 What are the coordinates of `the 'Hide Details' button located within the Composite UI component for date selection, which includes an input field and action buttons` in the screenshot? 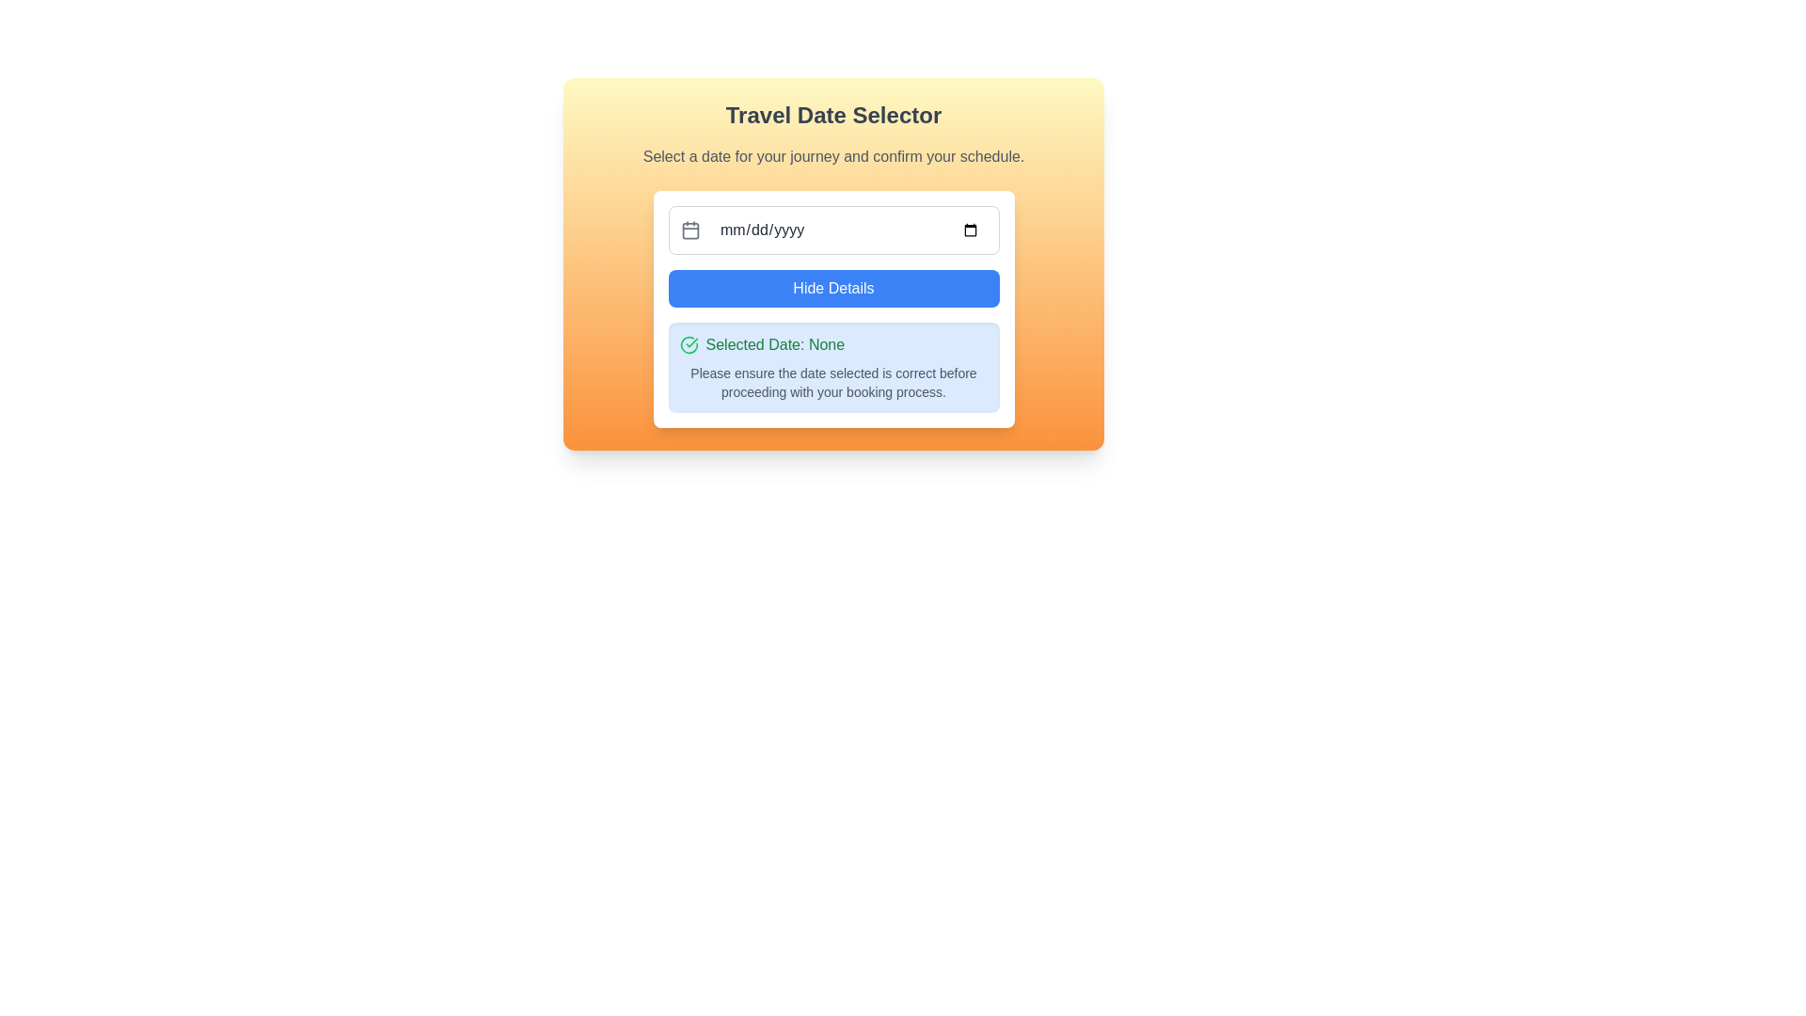 It's located at (832, 264).